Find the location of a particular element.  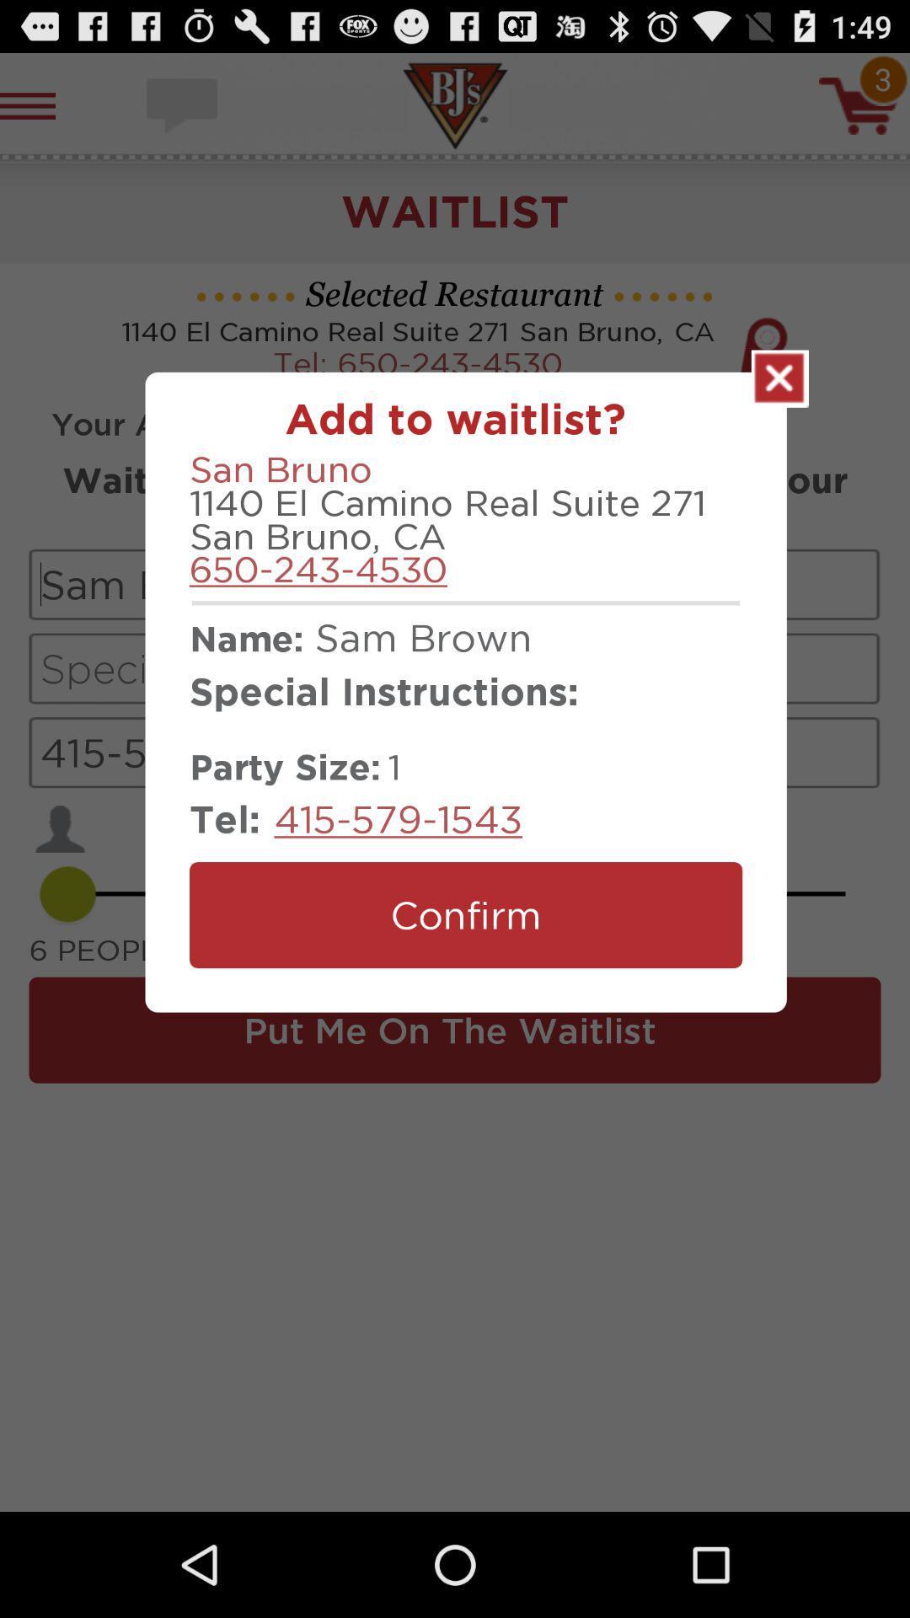

the button above confirm icon is located at coordinates (398, 818).